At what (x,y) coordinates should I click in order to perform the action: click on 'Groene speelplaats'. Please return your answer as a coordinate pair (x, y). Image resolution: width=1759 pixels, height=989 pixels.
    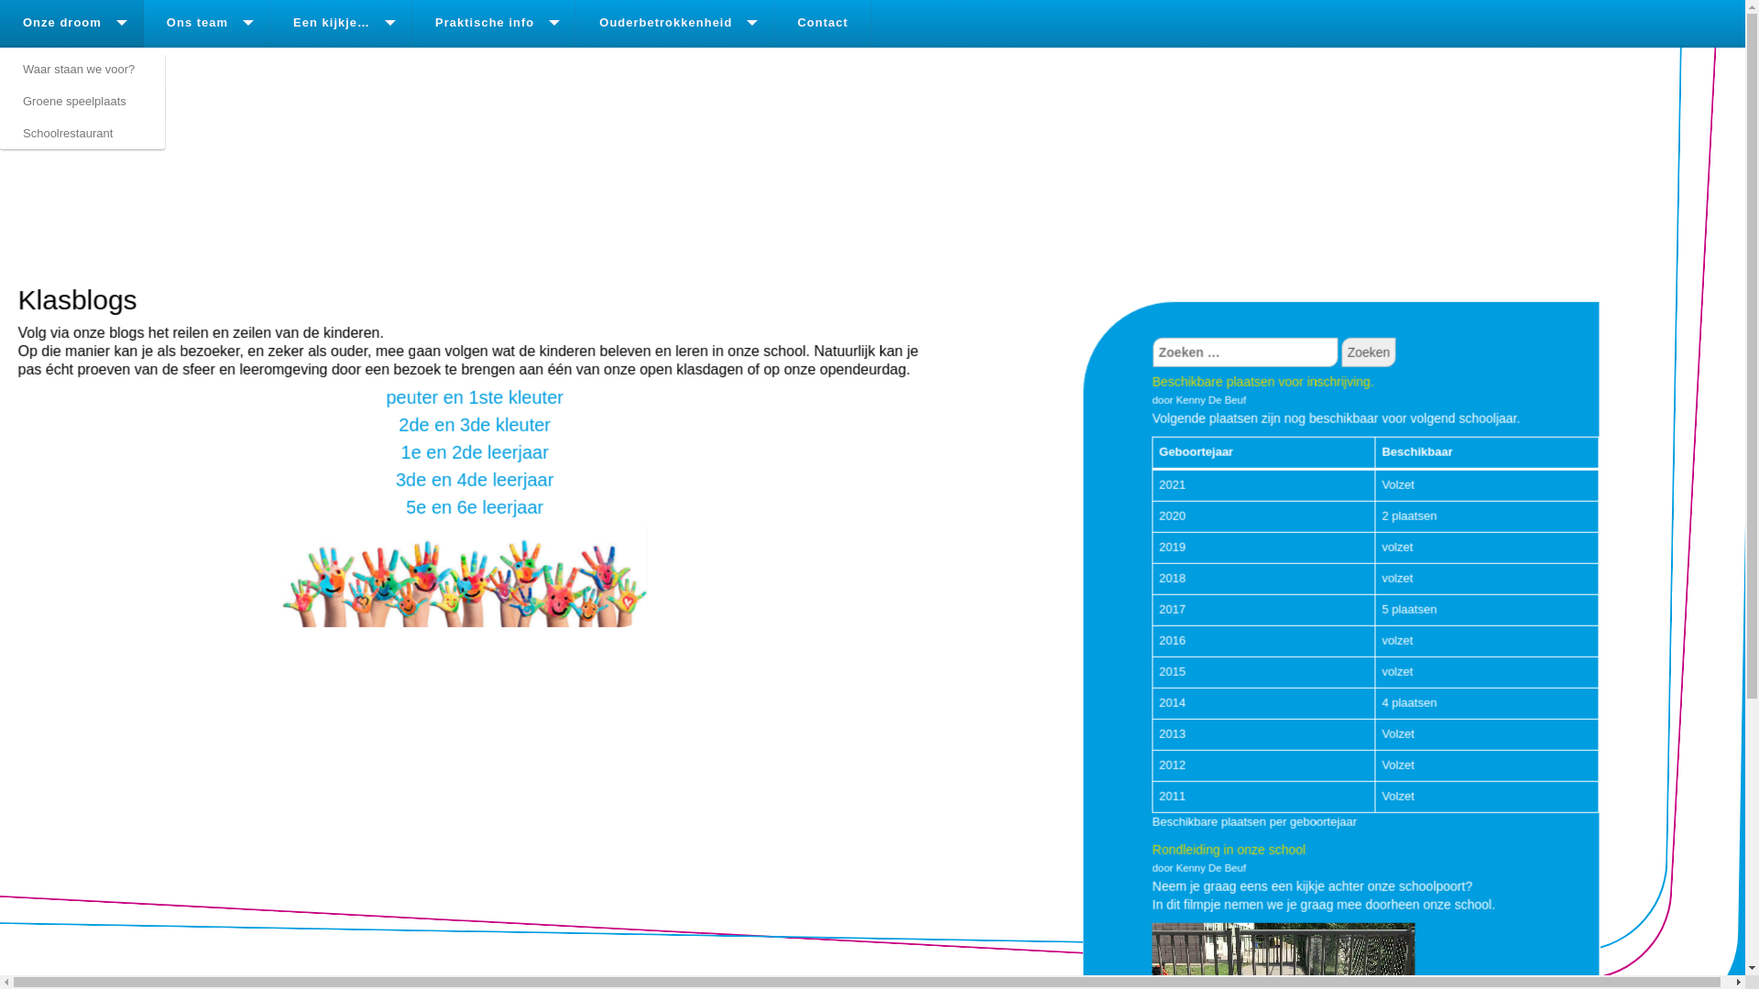
    Looking at the image, I should click on (82, 101).